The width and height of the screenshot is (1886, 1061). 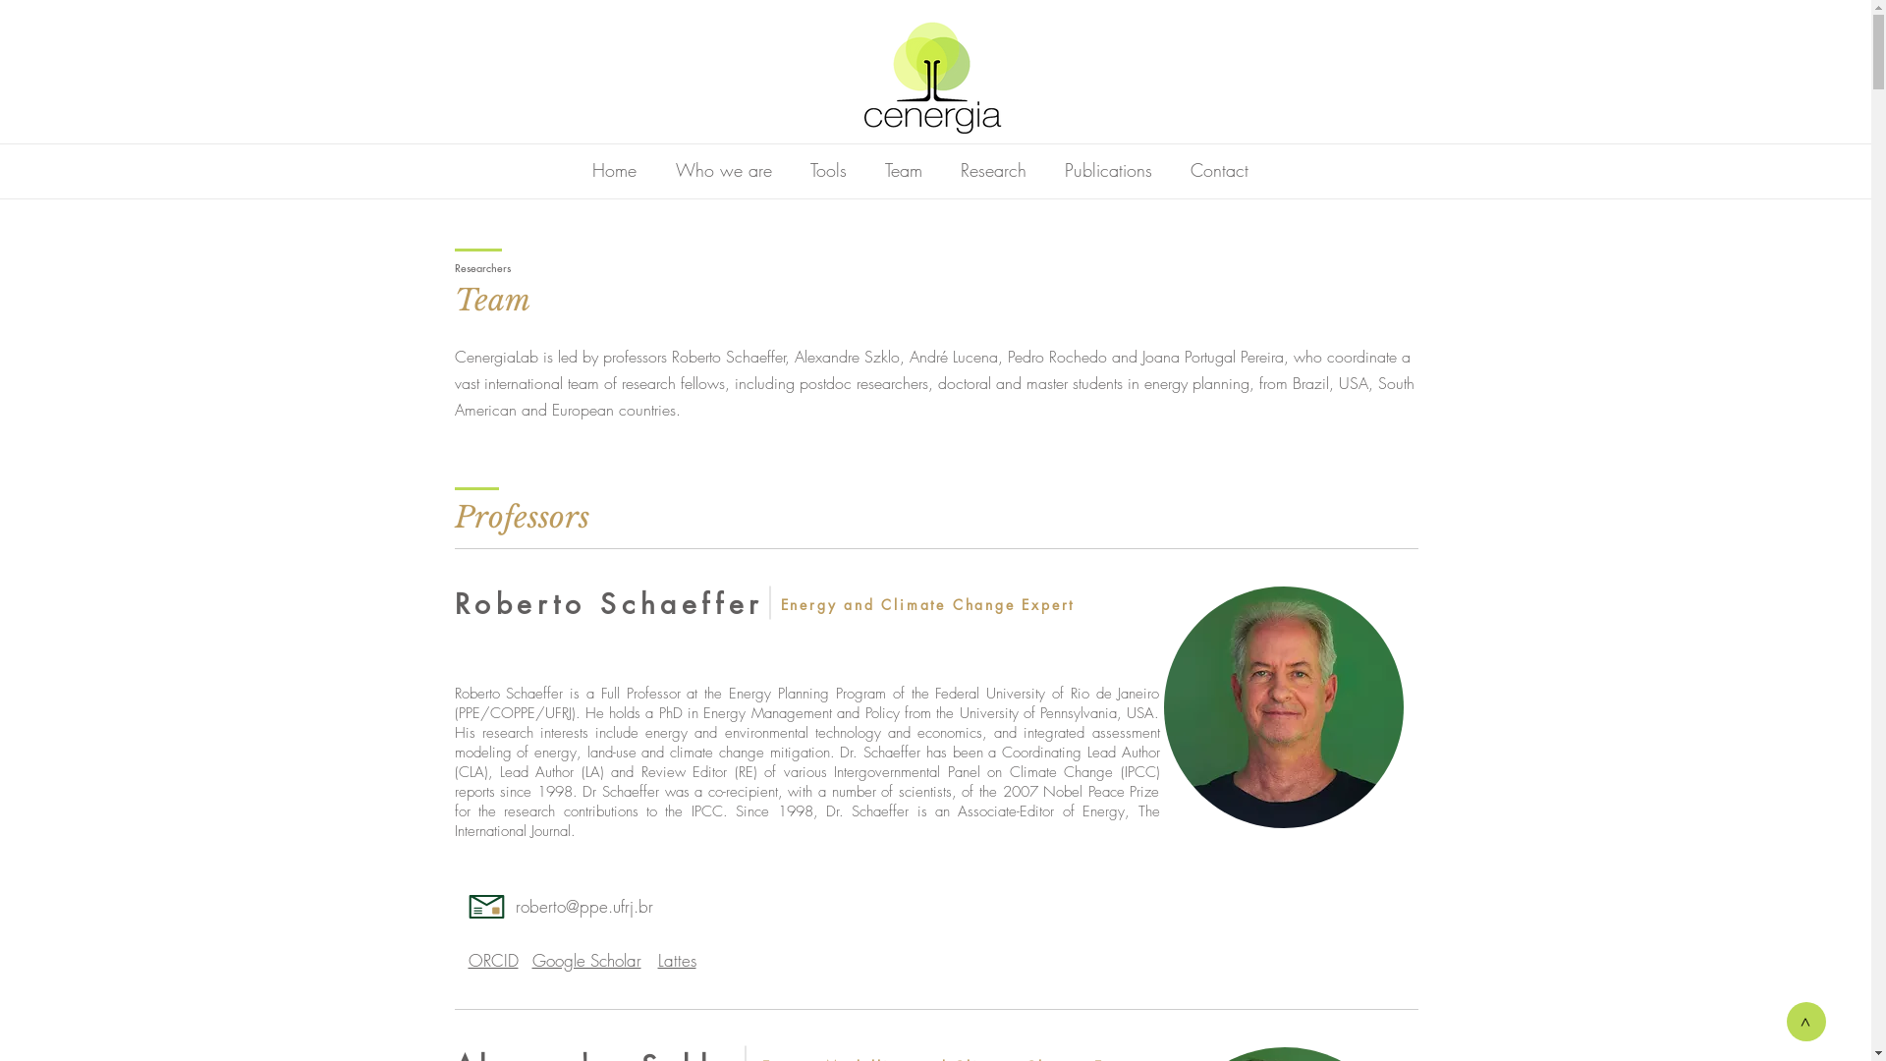 What do you see at coordinates (585, 959) in the screenshot?
I see `'Google Scholar'` at bounding box center [585, 959].